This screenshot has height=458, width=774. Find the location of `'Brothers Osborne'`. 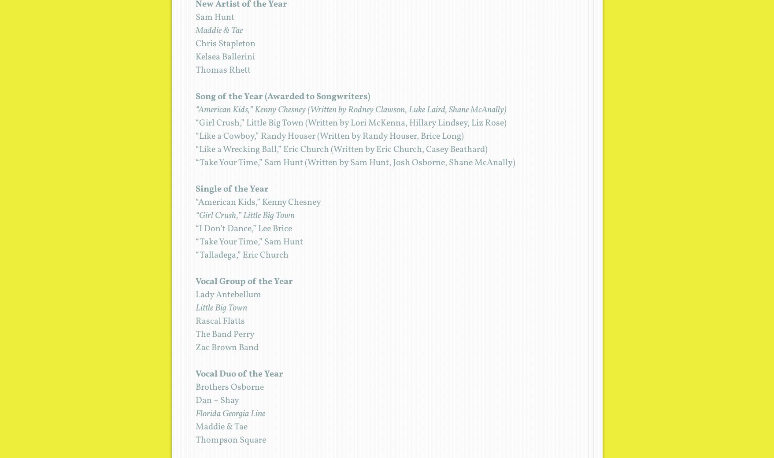

'Brothers Osborne' is located at coordinates (229, 387).